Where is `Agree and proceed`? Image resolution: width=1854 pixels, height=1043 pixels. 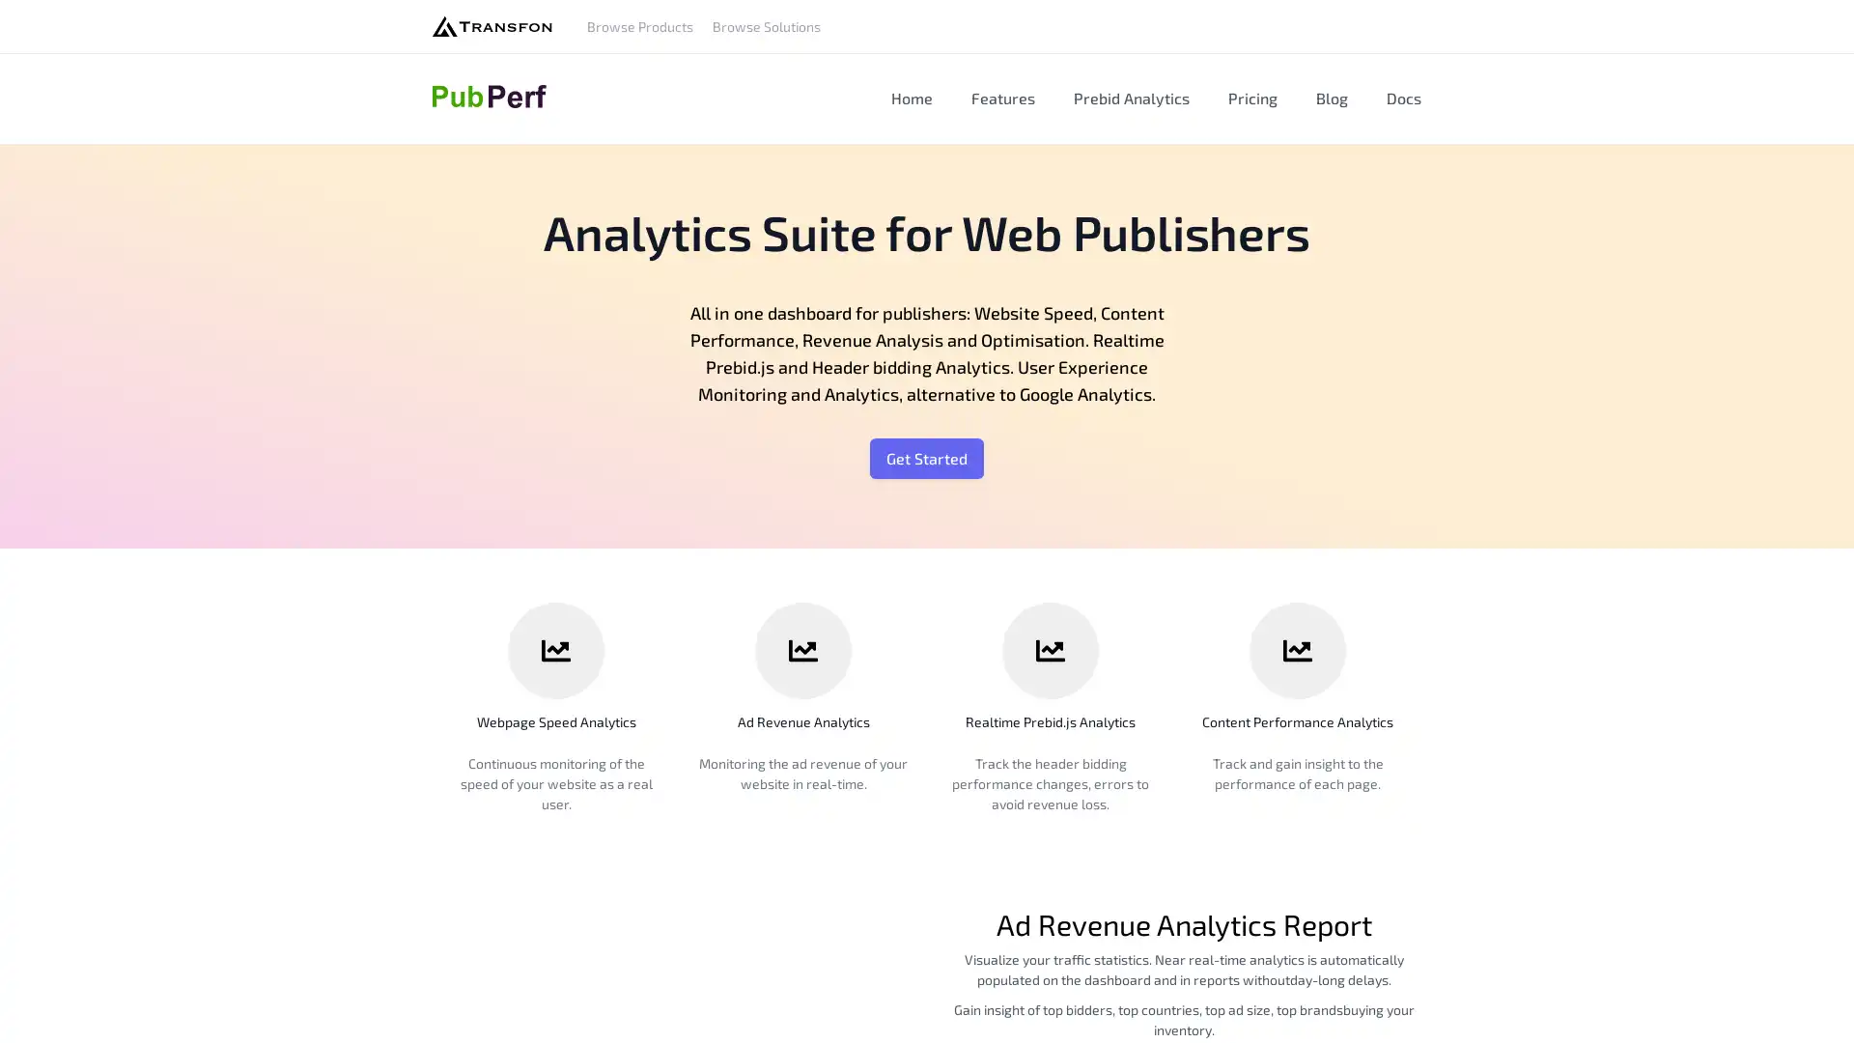 Agree and proceed is located at coordinates (348, 1007).